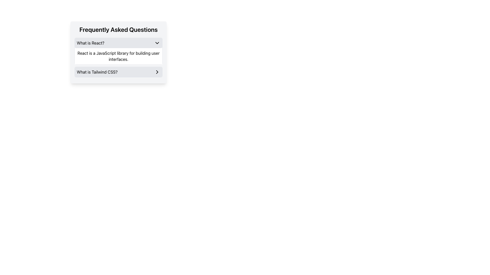 The width and height of the screenshot is (490, 275). What do you see at coordinates (90, 43) in the screenshot?
I see `the text label 'What is React?'` at bounding box center [90, 43].